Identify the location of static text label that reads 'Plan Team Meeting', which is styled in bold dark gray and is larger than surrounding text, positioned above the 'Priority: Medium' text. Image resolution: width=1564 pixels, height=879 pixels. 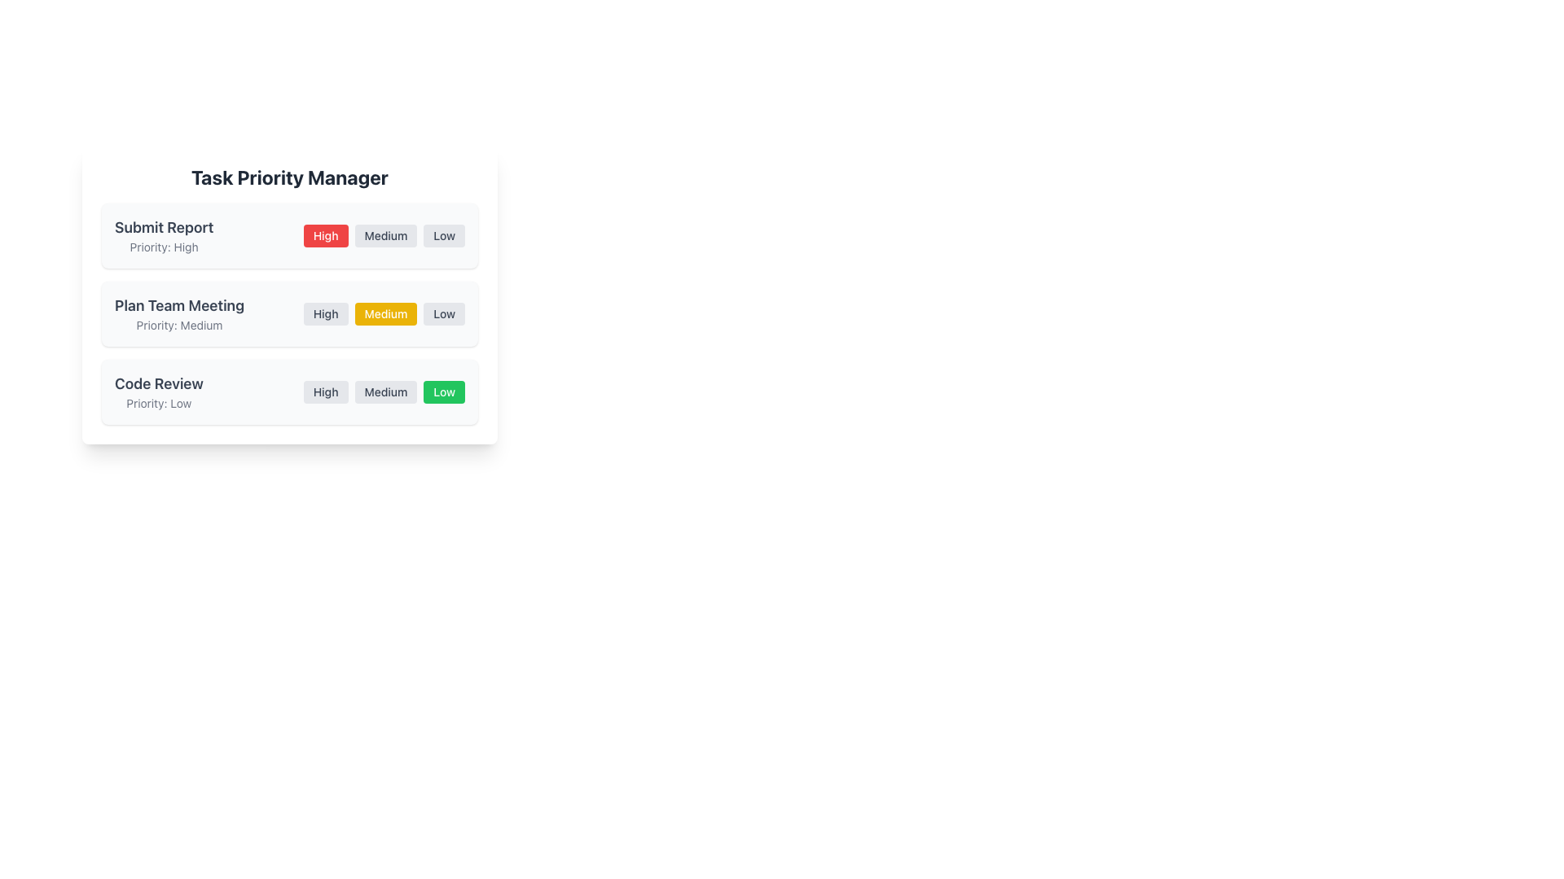
(179, 305).